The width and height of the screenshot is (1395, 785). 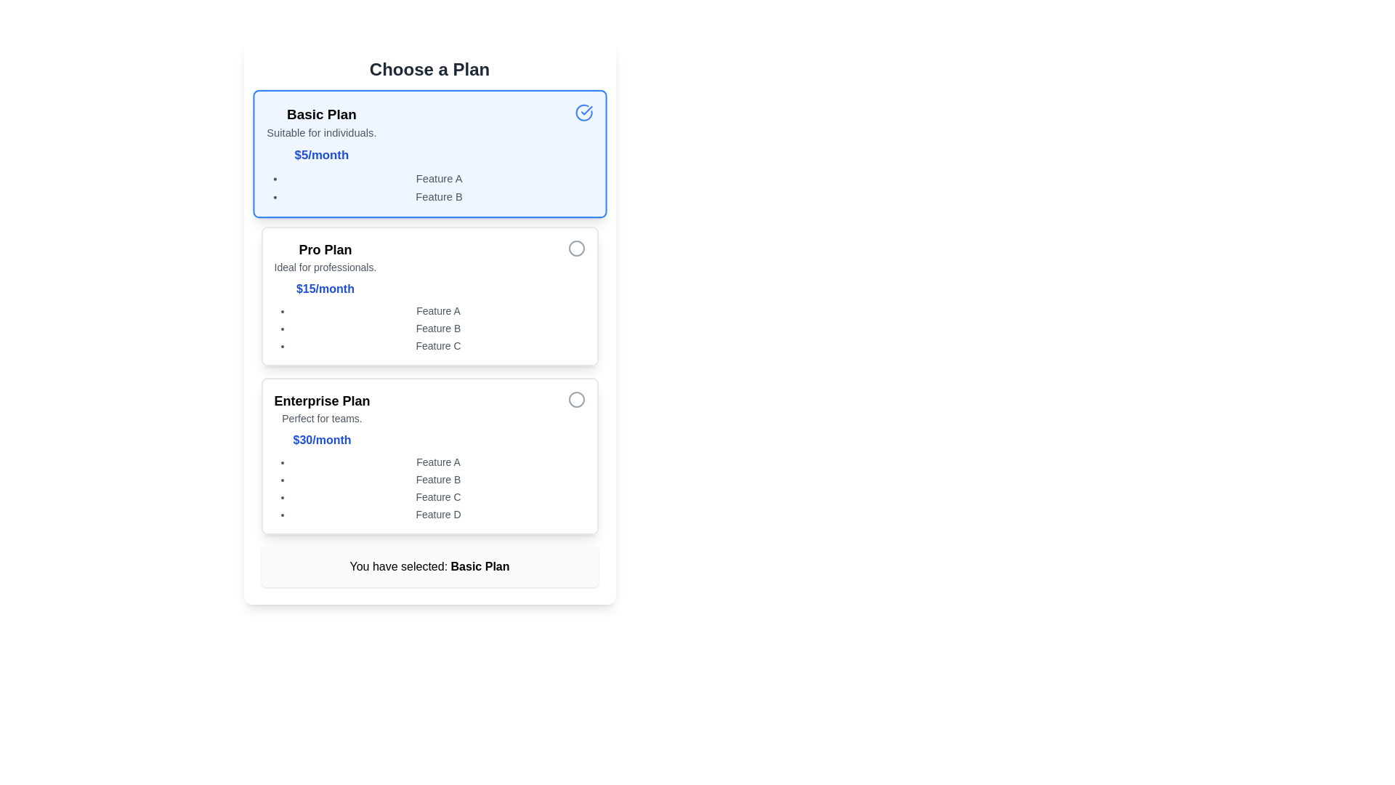 What do you see at coordinates (575, 248) in the screenshot?
I see `the visual feedback of the radio button indicating the 'Pro Plan' option, located in the top-right corner of the card` at bounding box center [575, 248].